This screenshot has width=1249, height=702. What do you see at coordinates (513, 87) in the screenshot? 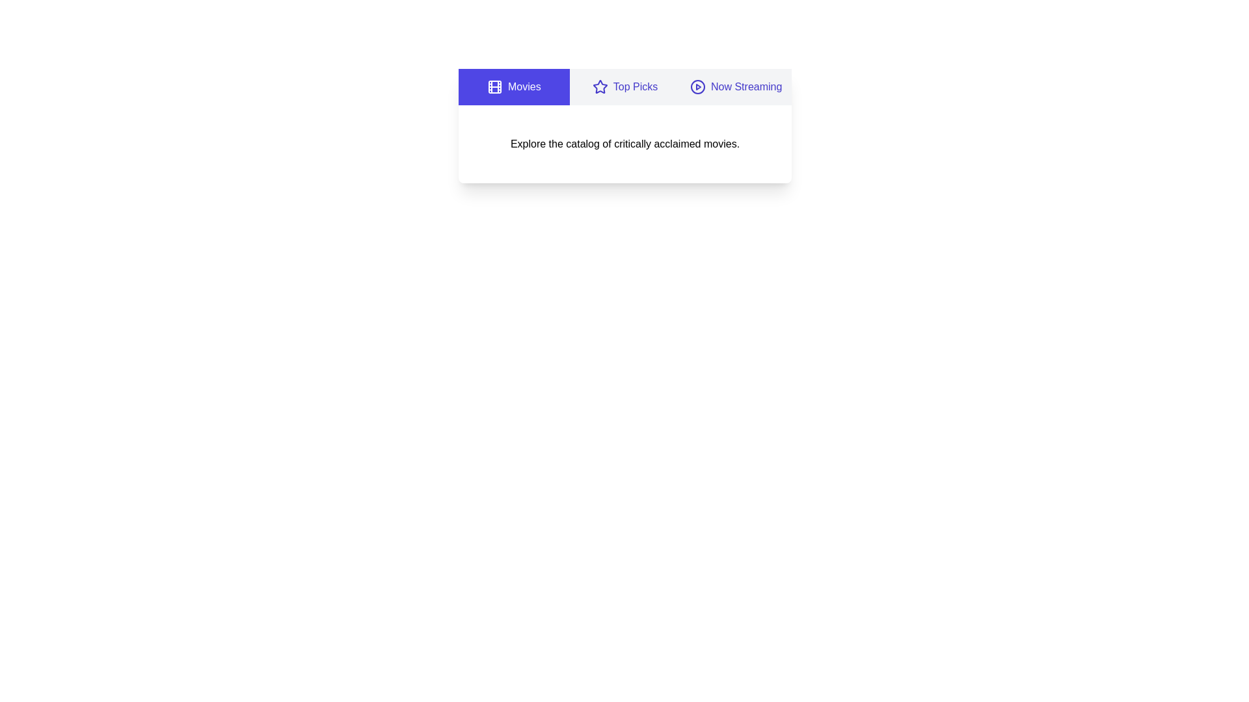
I see `the Movies tab` at bounding box center [513, 87].